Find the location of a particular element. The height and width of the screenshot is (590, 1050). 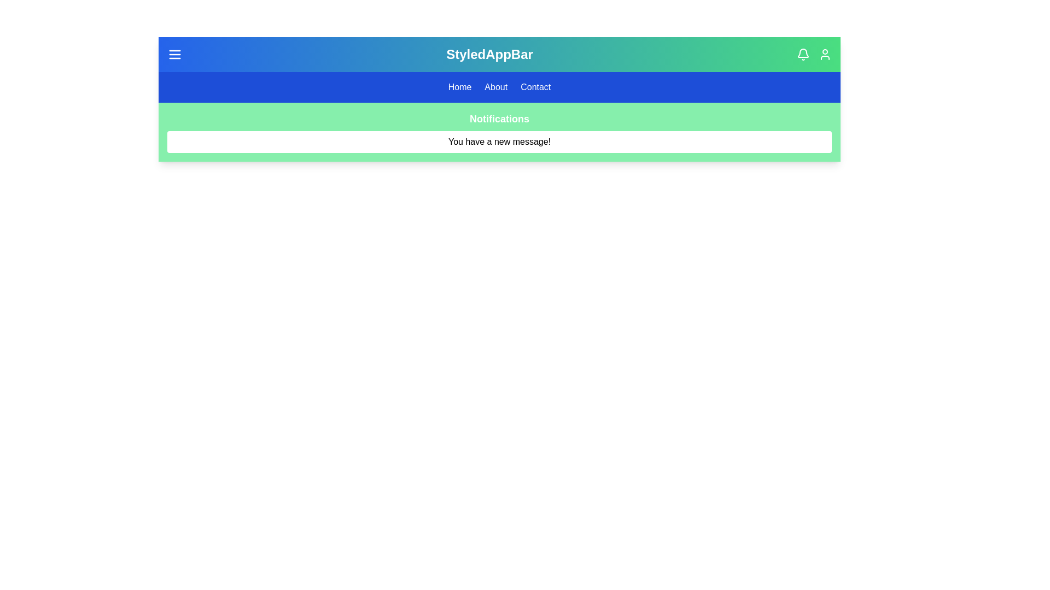

the 'Contact' text label in the navigation menu is located at coordinates (535, 86).